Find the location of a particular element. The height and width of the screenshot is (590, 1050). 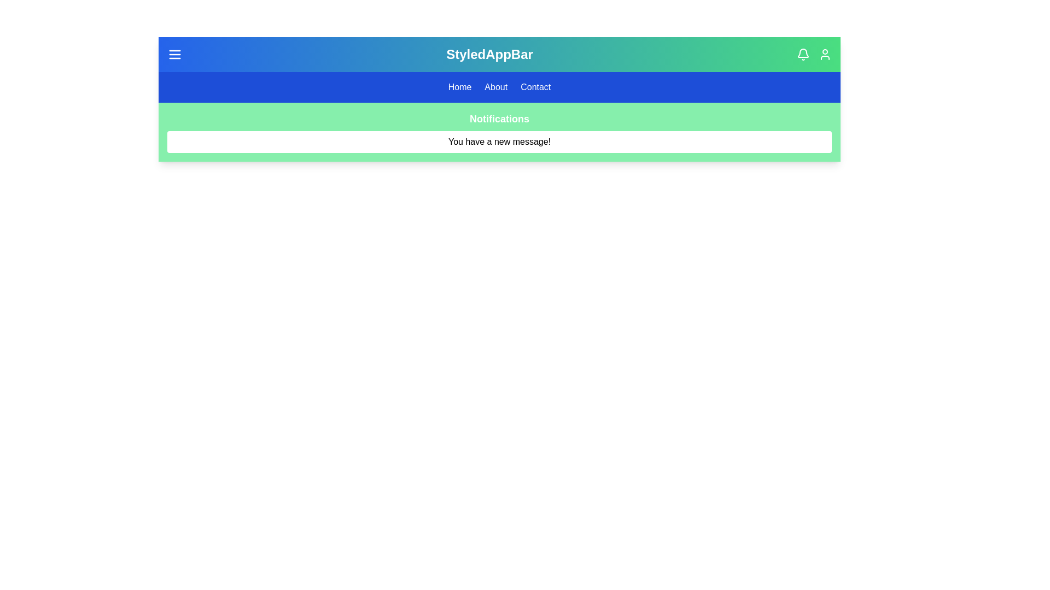

the 'Contact' text label in the navigation menu is located at coordinates (535, 86).